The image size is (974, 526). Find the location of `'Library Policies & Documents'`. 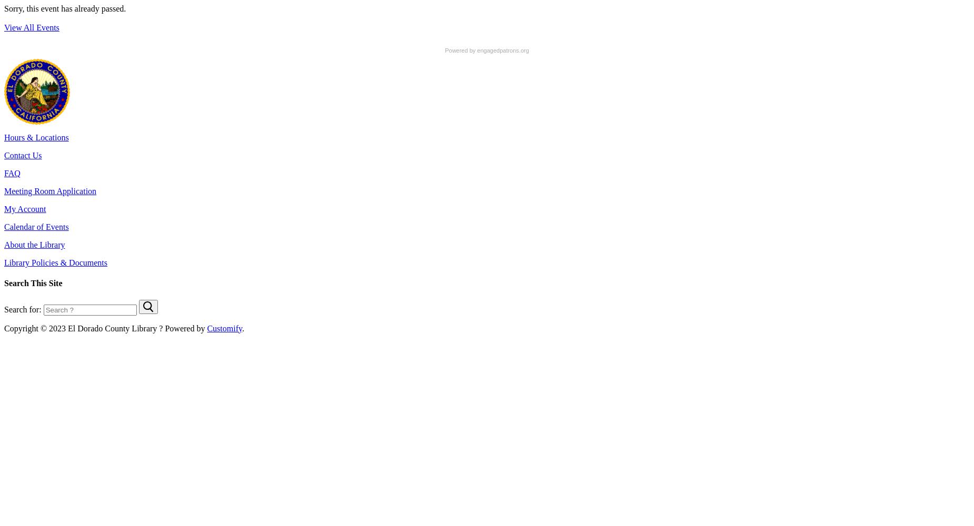

'Library Policies & Documents' is located at coordinates (55, 262).